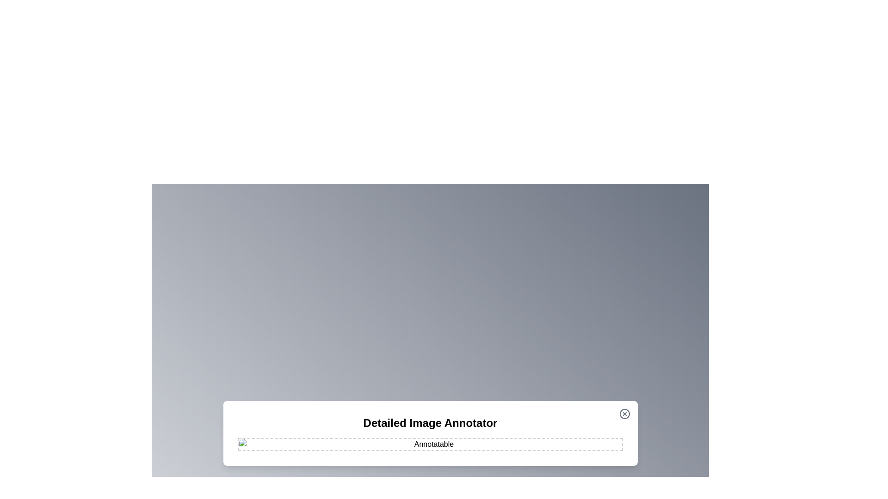 Image resolution: width=888 pixels, height=499 pixels. I want to click on the image at coordinates (1237, 957) to add an annotation, so click(572, 441).